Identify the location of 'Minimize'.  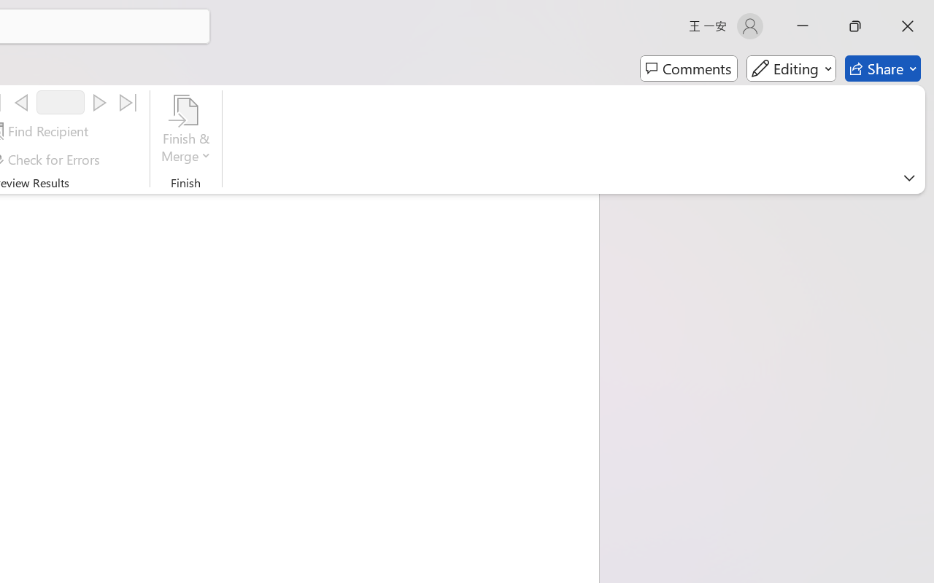
(802, 26).